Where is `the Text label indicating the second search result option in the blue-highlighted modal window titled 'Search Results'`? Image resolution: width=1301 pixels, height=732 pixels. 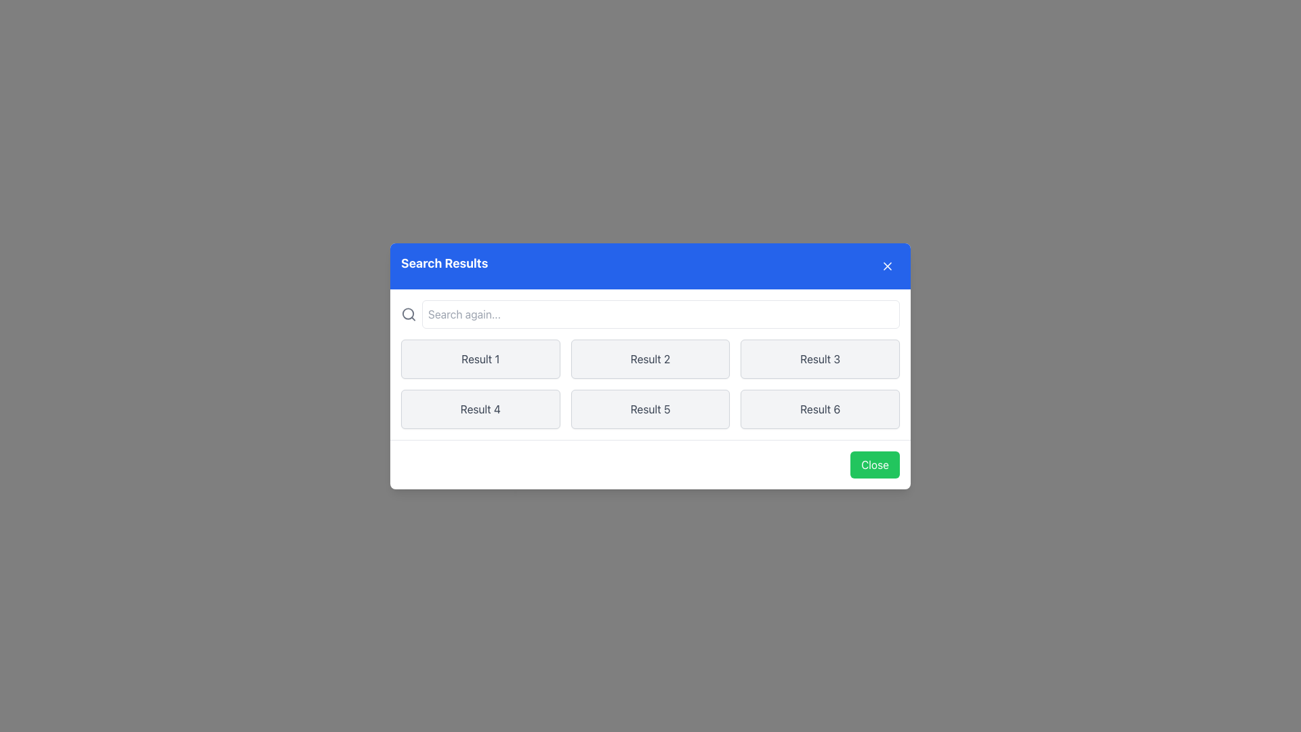
the Text label indicating the second search result option in the blue-highlighted modal window titled 'Search Results' is located at coordinates (650, 358).